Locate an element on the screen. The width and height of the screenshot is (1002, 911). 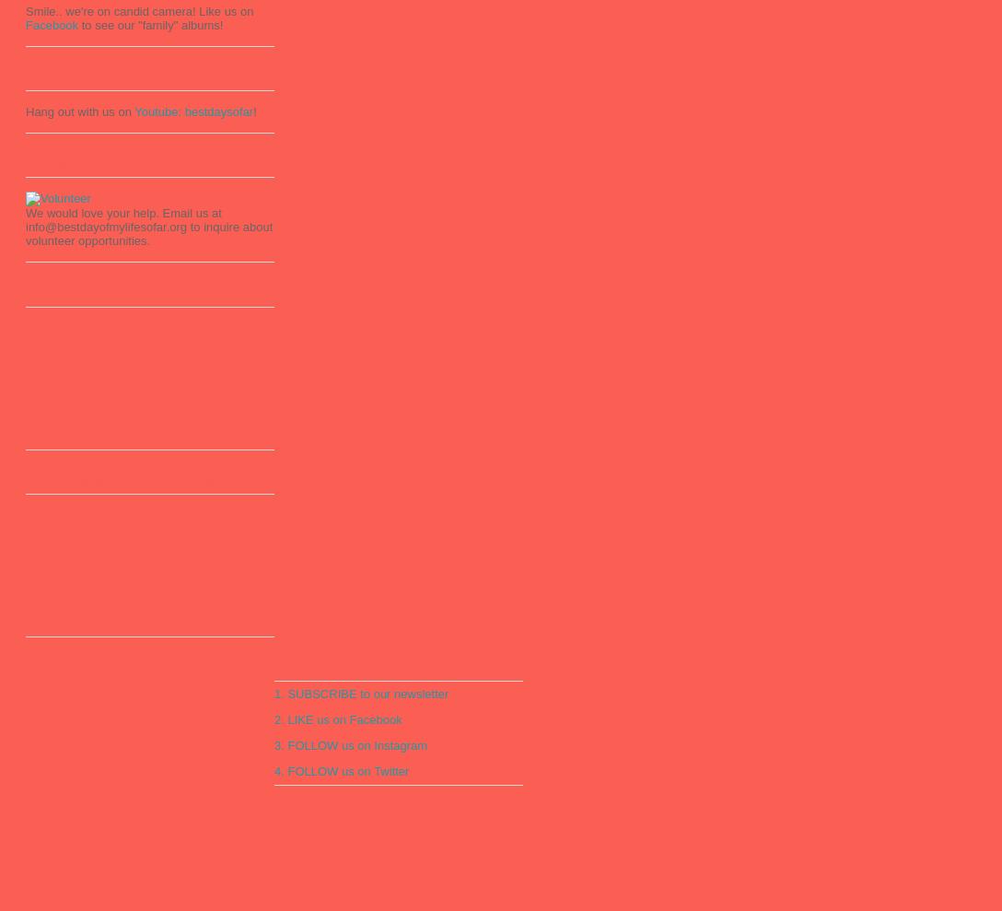
'Playlist - Our Seniors Say Hi!' is located at coordinates (25, 293).